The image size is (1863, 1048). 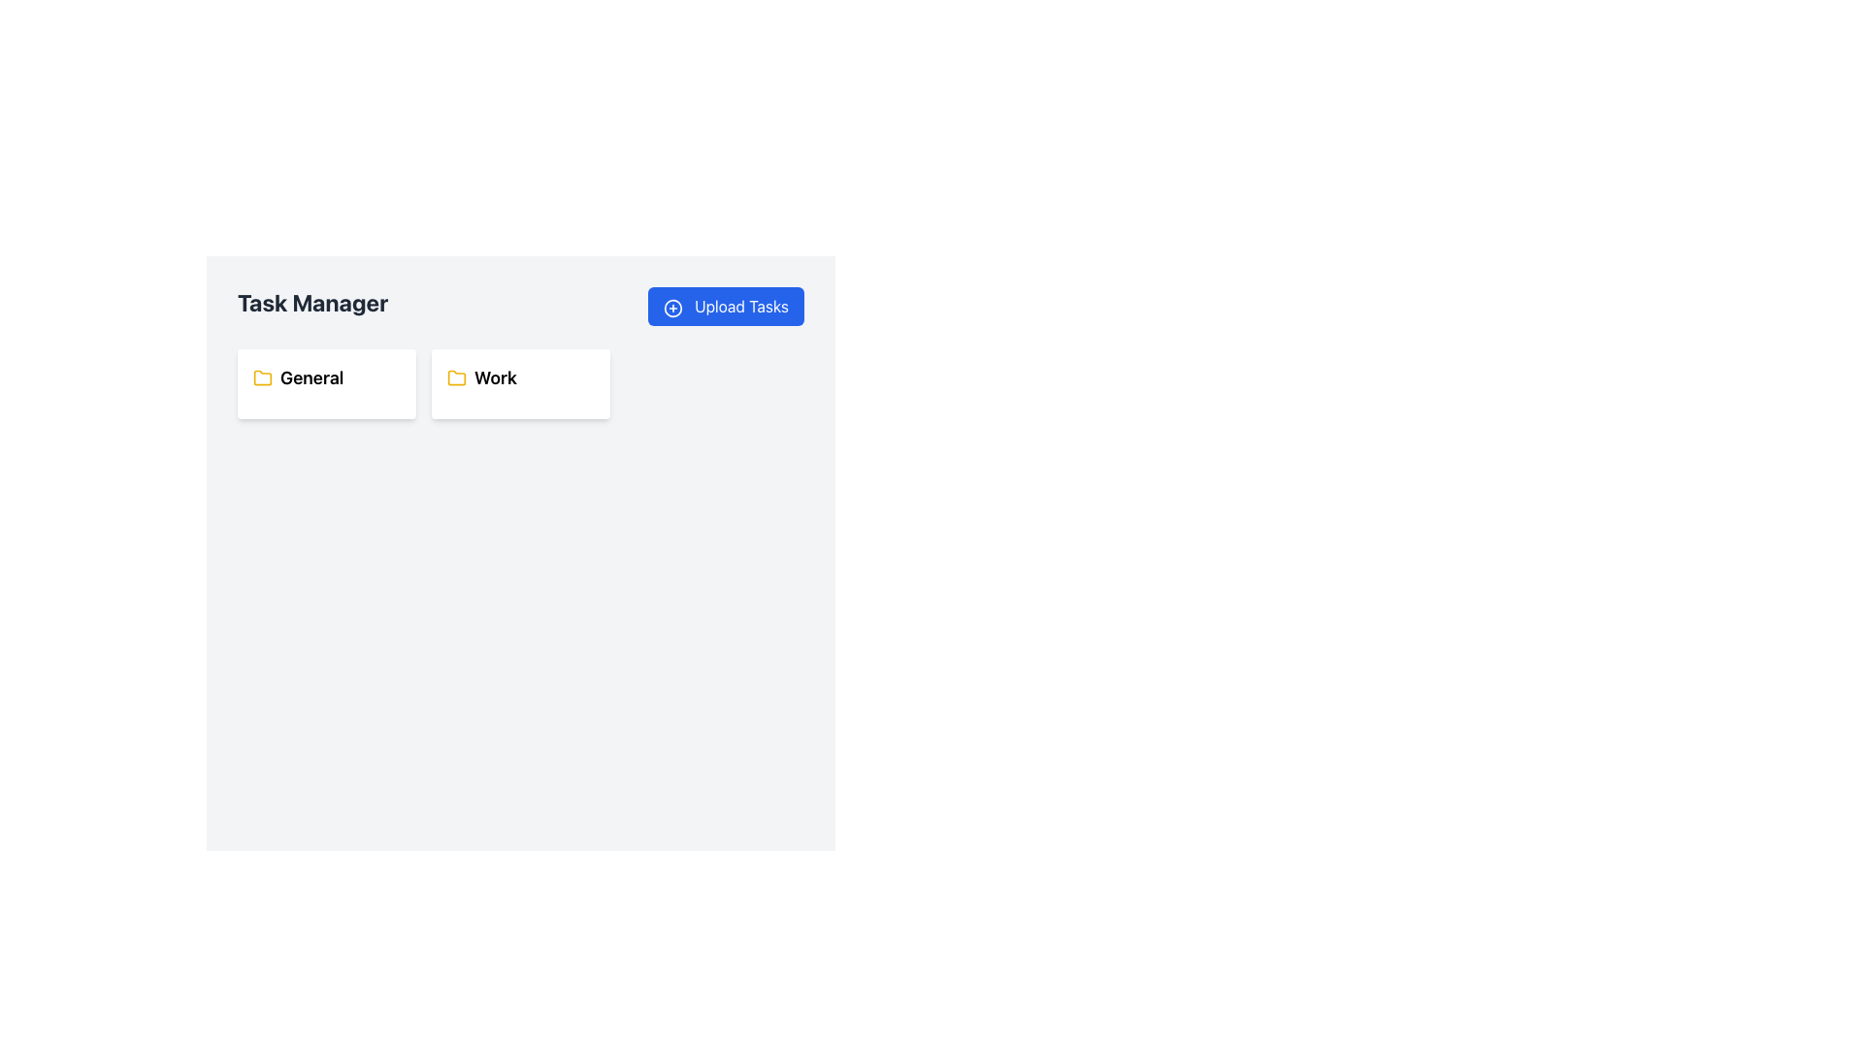 I want to click on the circular icon with a plus sign inside it, which is located to the left of the 'Upload Tasks' label in a blue rounded rectangle button at the top-right corner of the interface, so click(x=672, y=307).